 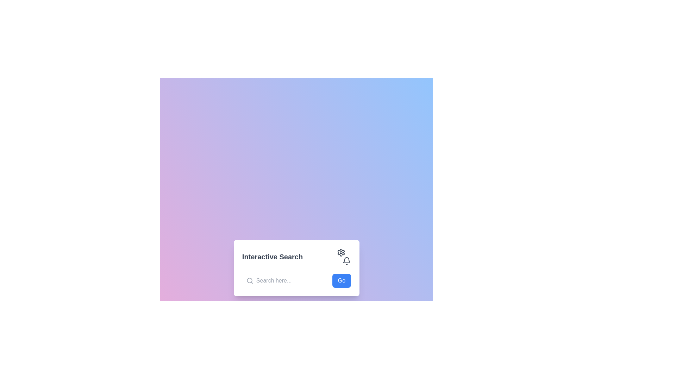 I want to click on the bell icon located in the top-right area of the interactive search panel, so click(x=347, y=261).